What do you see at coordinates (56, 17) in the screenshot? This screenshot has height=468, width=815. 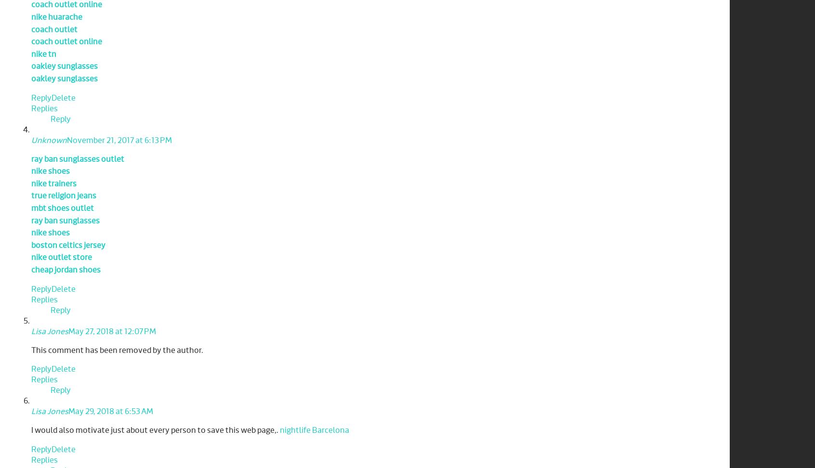 I see `'nike huarache'` at bounding box center [56, 17].